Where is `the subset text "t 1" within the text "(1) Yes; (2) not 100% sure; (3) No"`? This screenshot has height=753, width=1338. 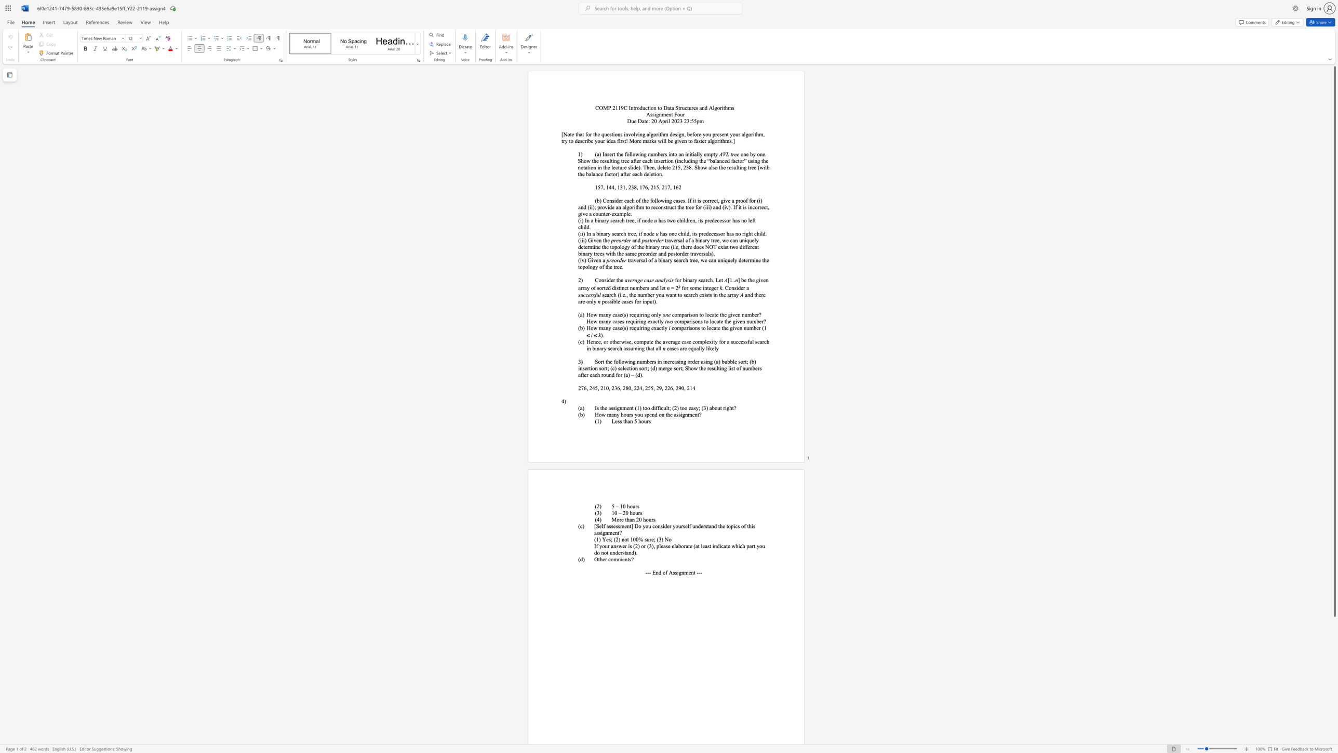 the subset text "t 1" within the text "(1) Yes; (2) not 100% sure; (3) No" is located at coordinates (627, 539).